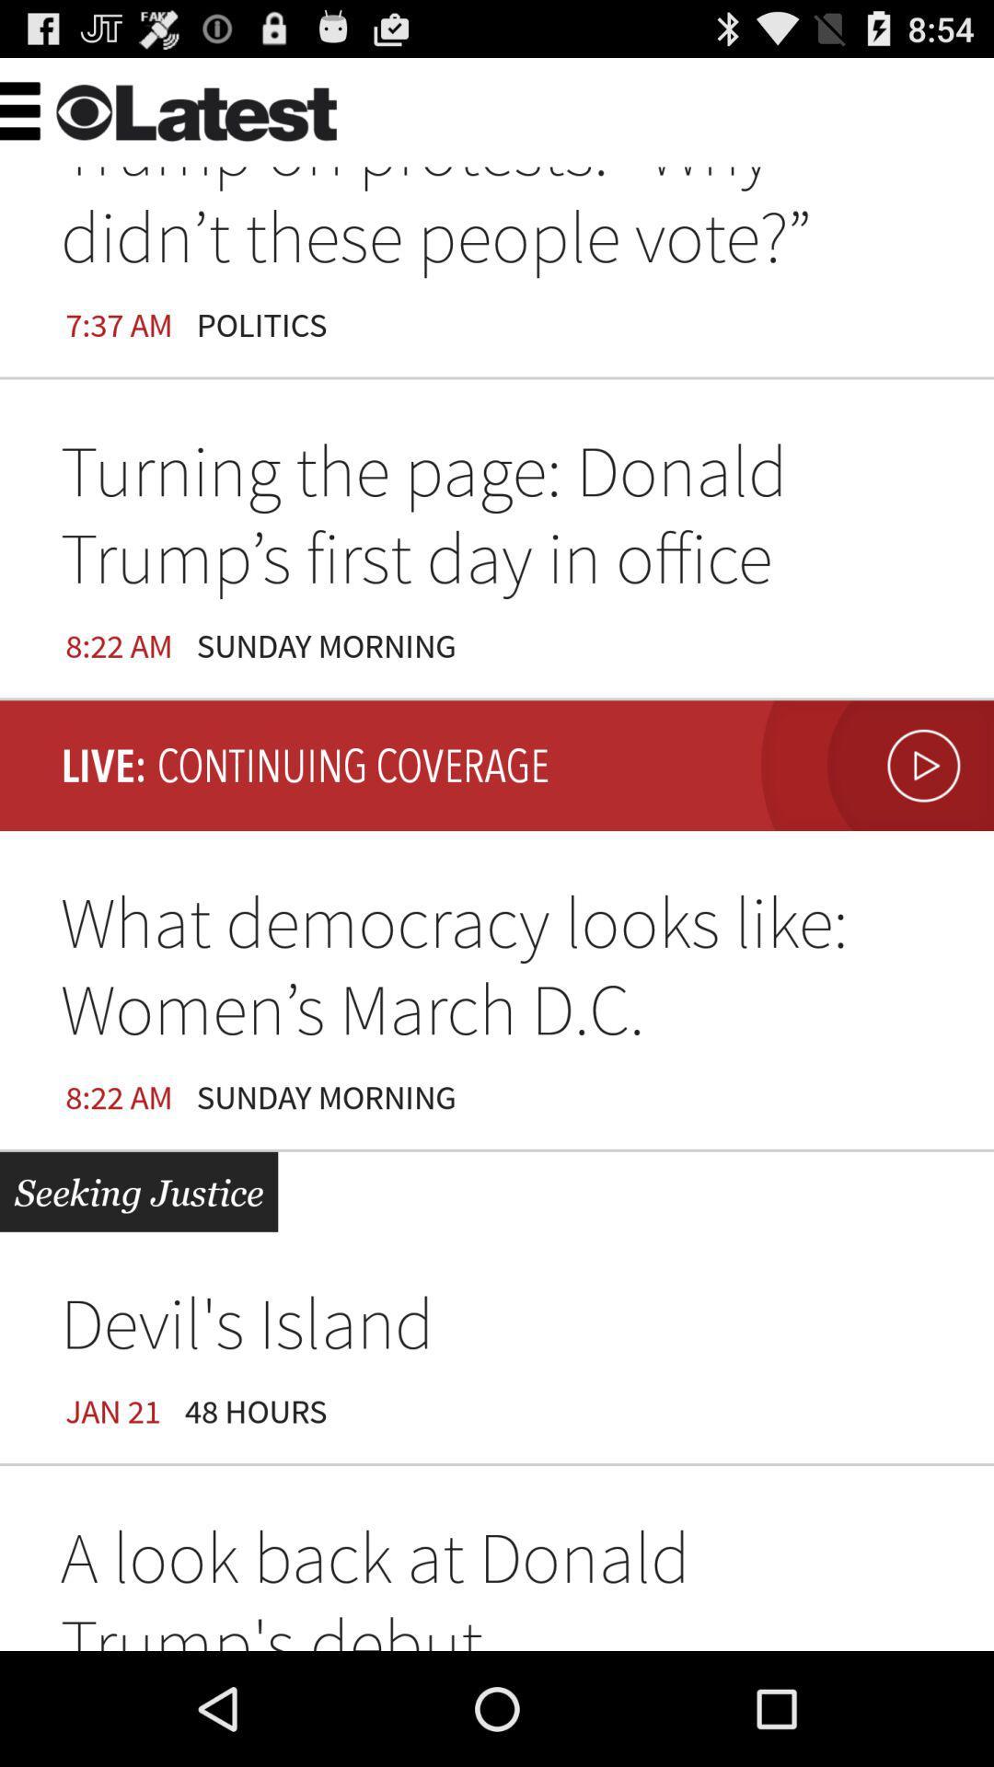 This screenshot has height=1767, width=994. What do you see at coordinates (59, 108) in the screenshot?
I see `menu` at bounding box center [59, 108].